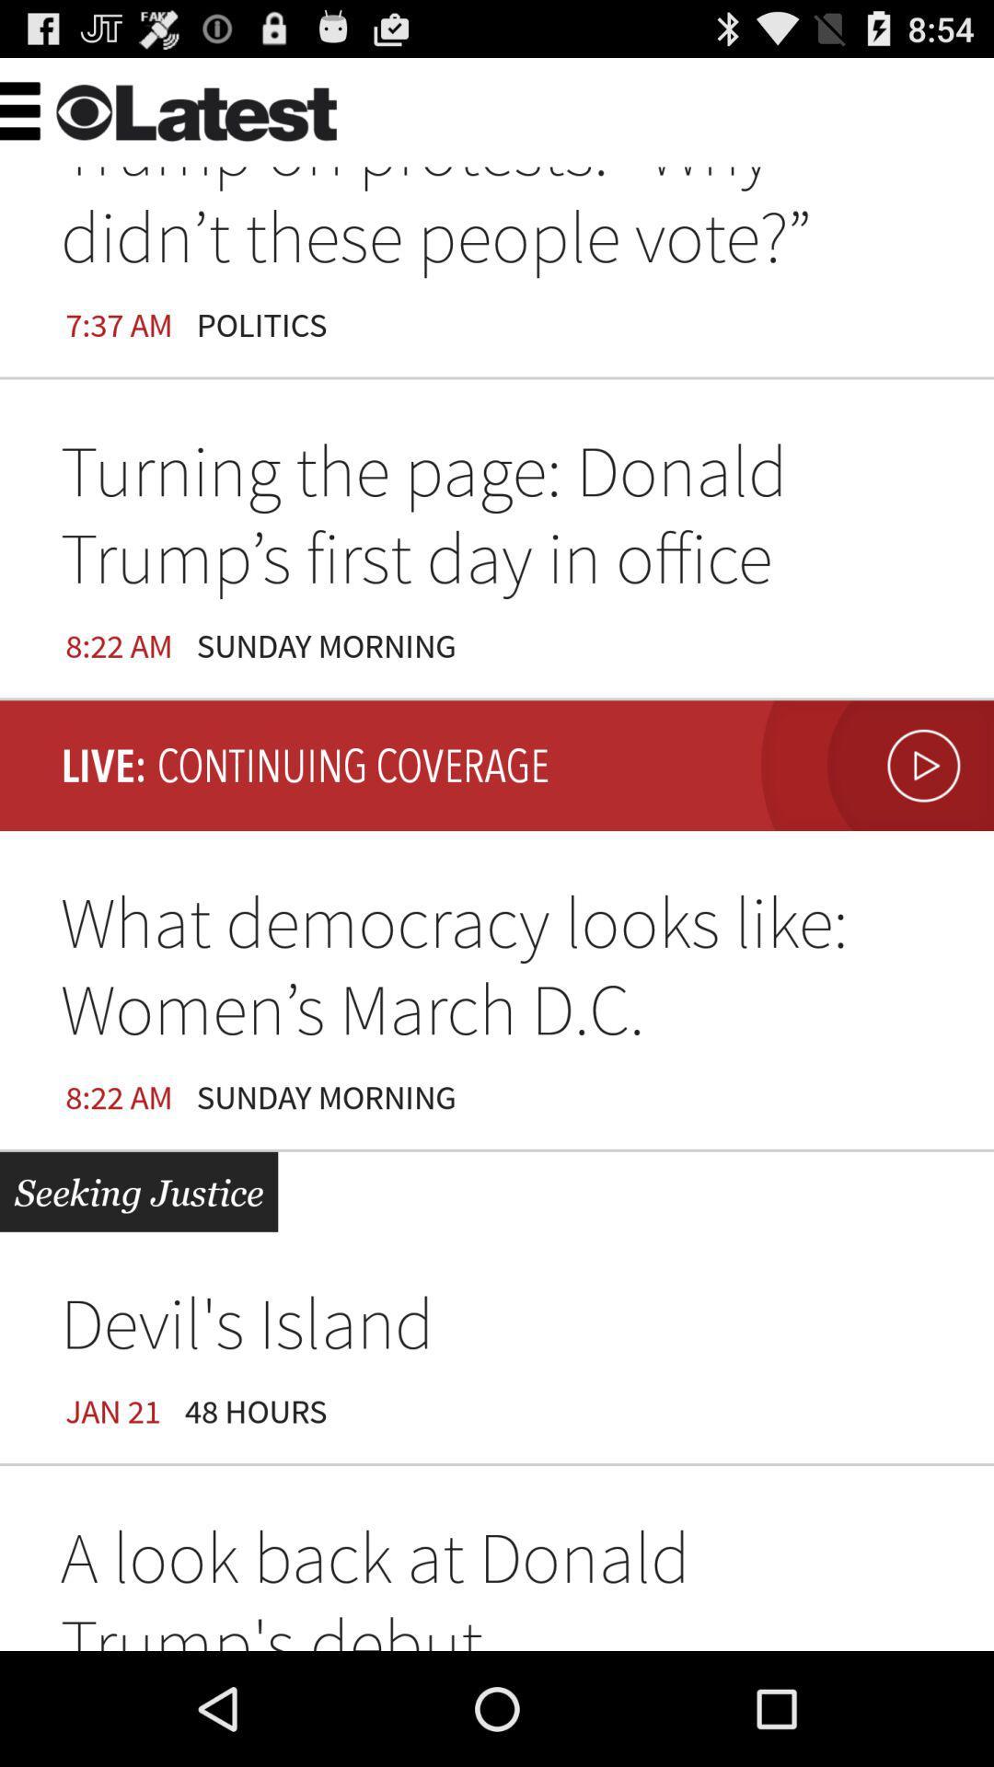 This screenshot has height=1767, width=994. What do you see at coordinates (59, 108) in the screenshot?
I see `menu` at bounding box center [59, 108].